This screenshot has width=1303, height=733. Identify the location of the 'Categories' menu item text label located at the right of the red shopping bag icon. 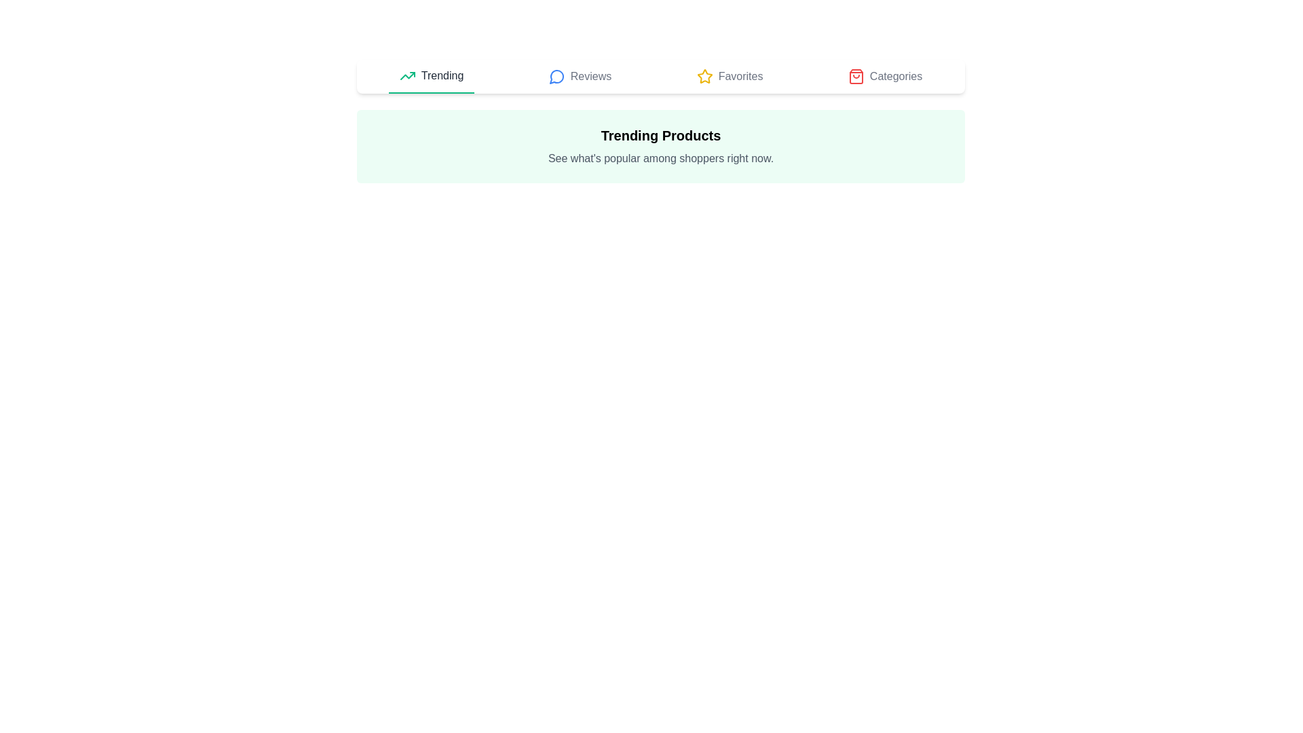
(896, 76).